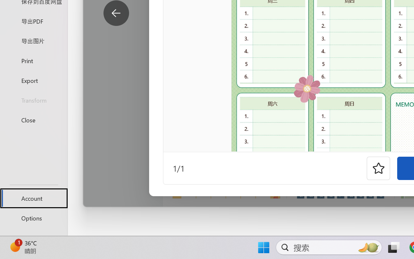 The image size is (414, 259). What do you see at coordinates (33, 60) in the screenshot?
I see `'Print'` at bounding box center [33, 60].